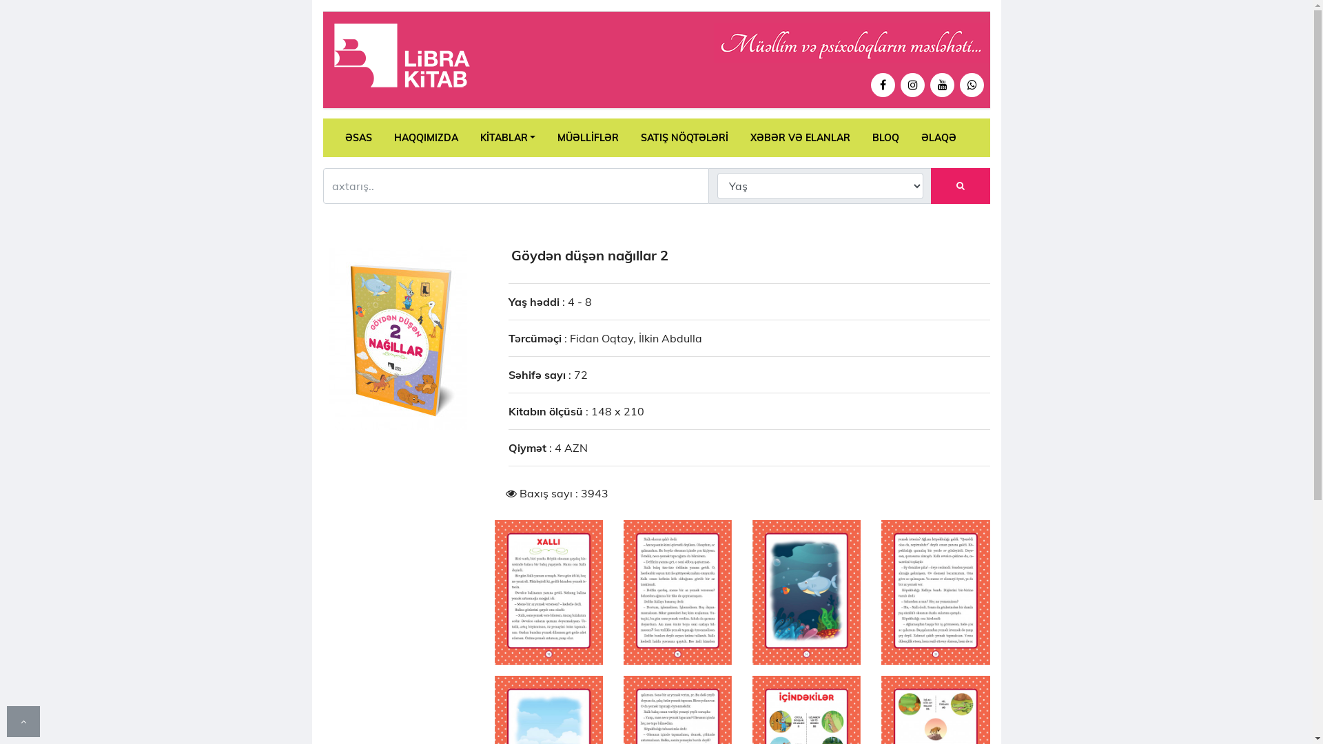 The width and height of the screenshot is (1323, 744). I want to click on 'BLOQ', so click(885, 138).